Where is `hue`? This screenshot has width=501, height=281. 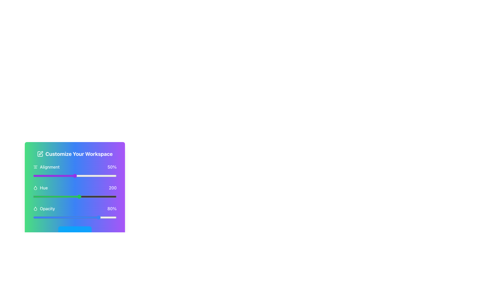 hue is located at coordinates (43, 197).